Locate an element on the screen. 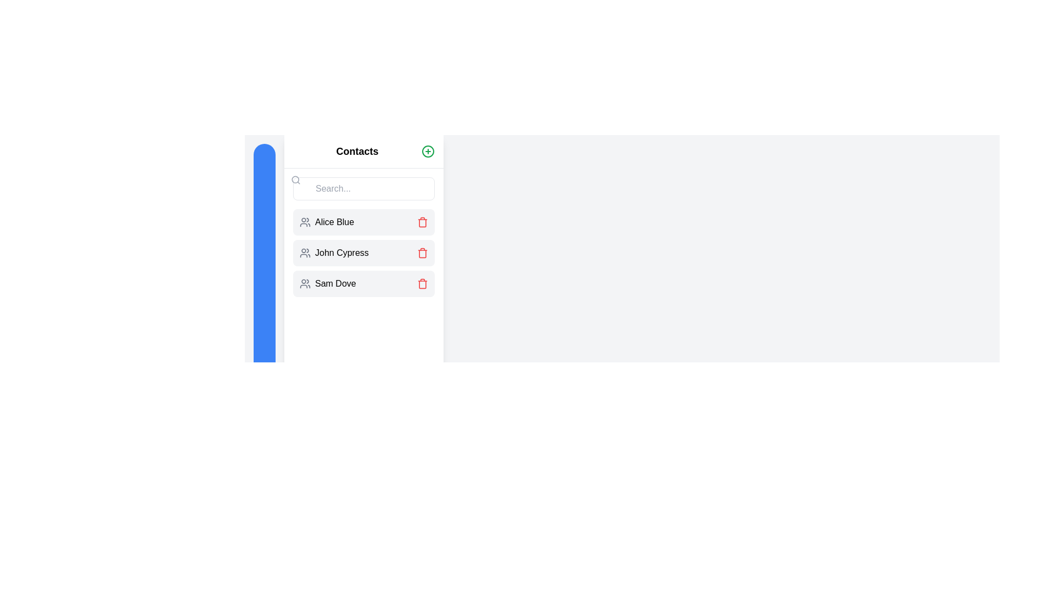 The image size is (1054, 593). the heading text indicating 'Contacts' is located at coordinates (357, 152).